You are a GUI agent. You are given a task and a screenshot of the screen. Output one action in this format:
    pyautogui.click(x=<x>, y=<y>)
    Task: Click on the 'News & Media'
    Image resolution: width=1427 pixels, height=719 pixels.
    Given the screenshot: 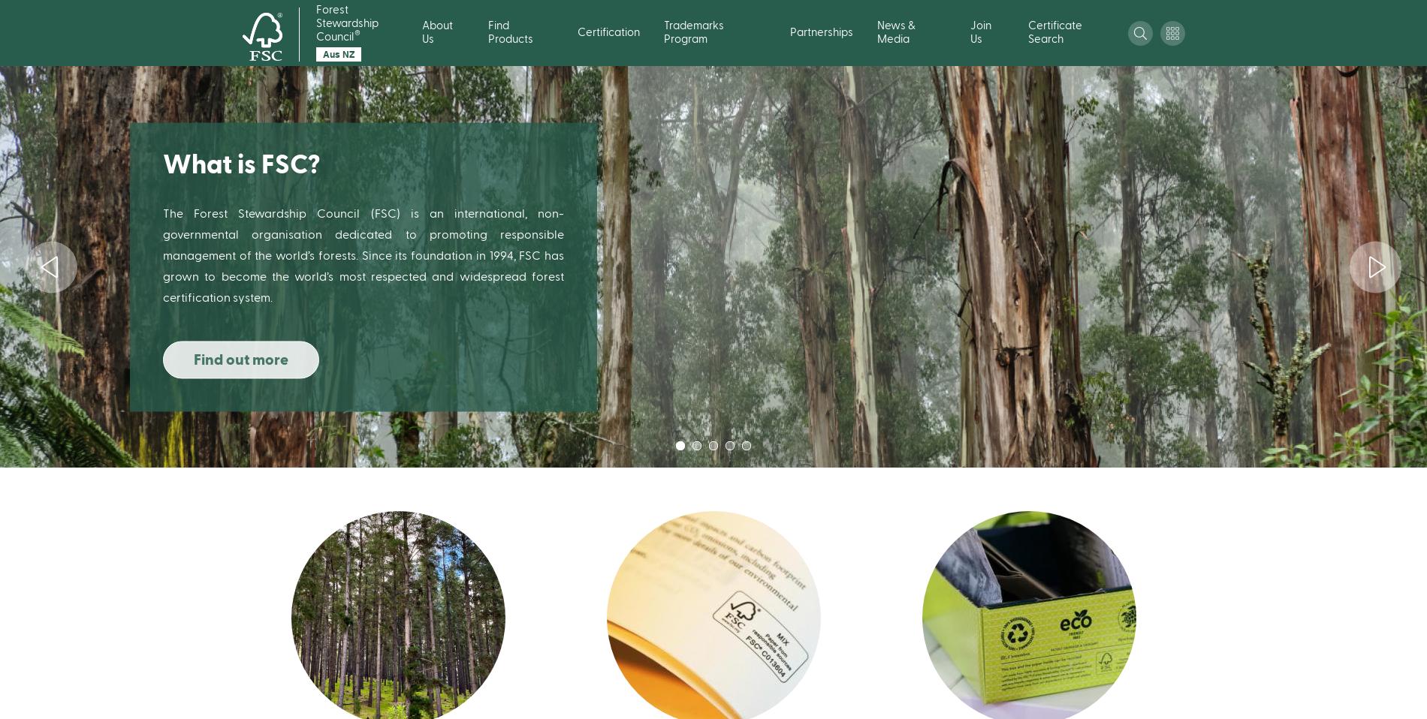 What is the action you would take?
    pyautogui.click(x=895, y=32)
    